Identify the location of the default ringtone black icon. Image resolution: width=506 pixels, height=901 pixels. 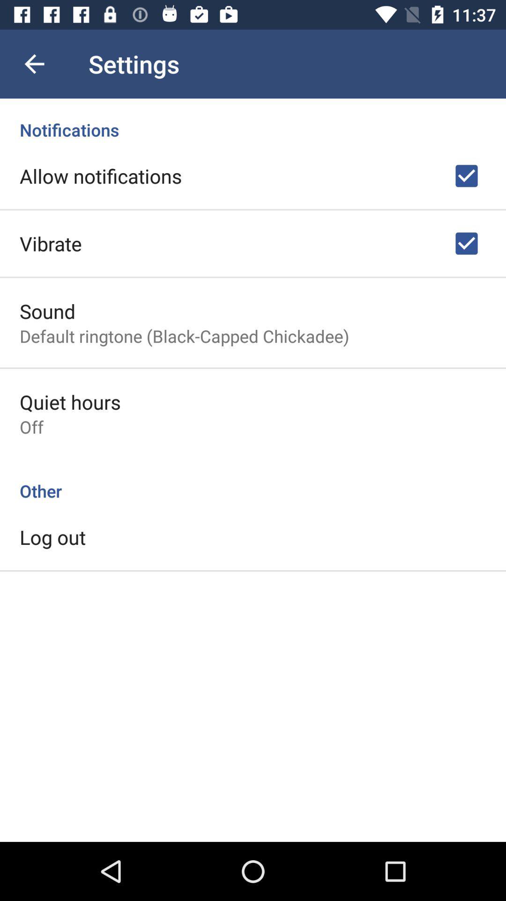
(184, 336).